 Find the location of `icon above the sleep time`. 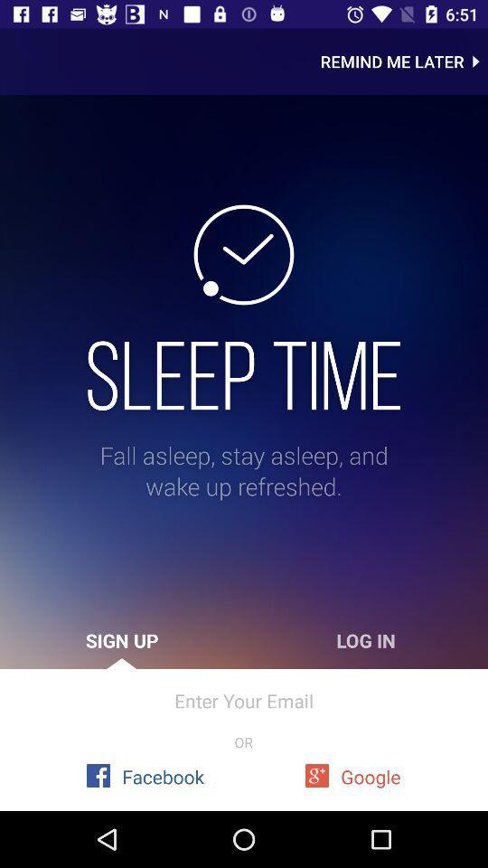

icon above the sleep time is located at coordinates (404, 61).